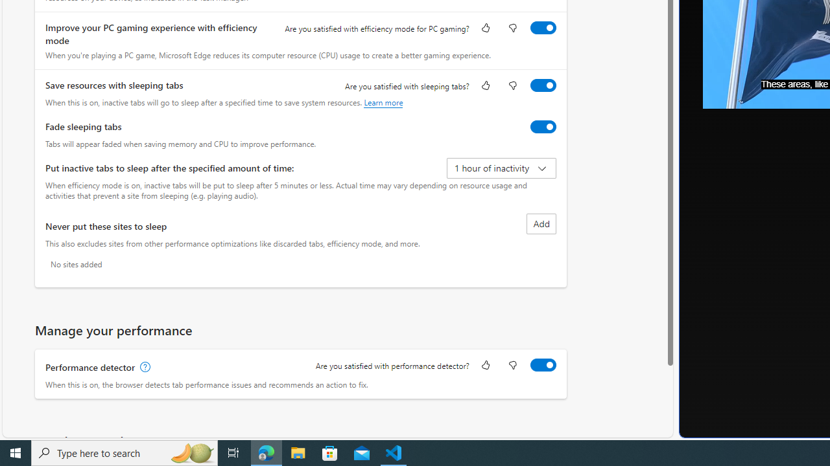 The width and height of the screenshot is (830, 466). Describe the element at coordinates (543, 85) in the screenshot. I see `'Save resources with sleeping tabs'` at that location.